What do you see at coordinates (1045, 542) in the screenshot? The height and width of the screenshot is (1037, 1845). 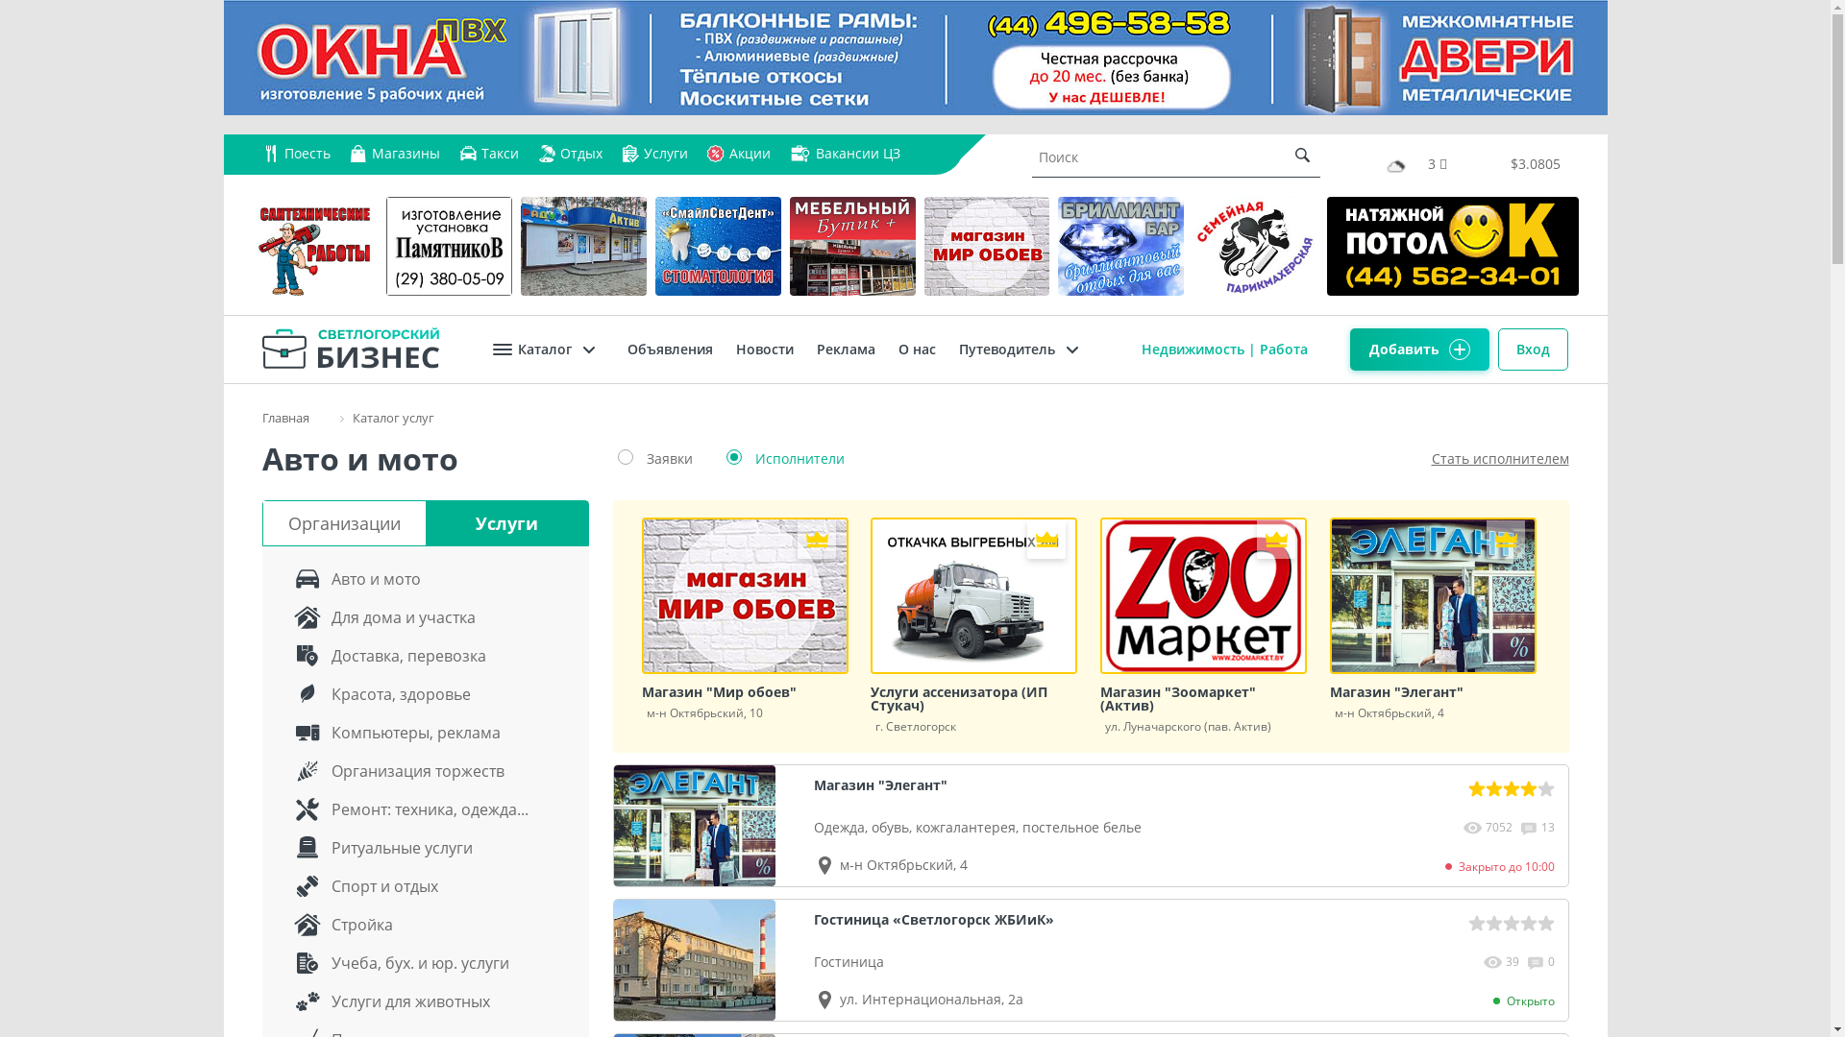 I see `'VIP'` at bounding box center [1045, 542].